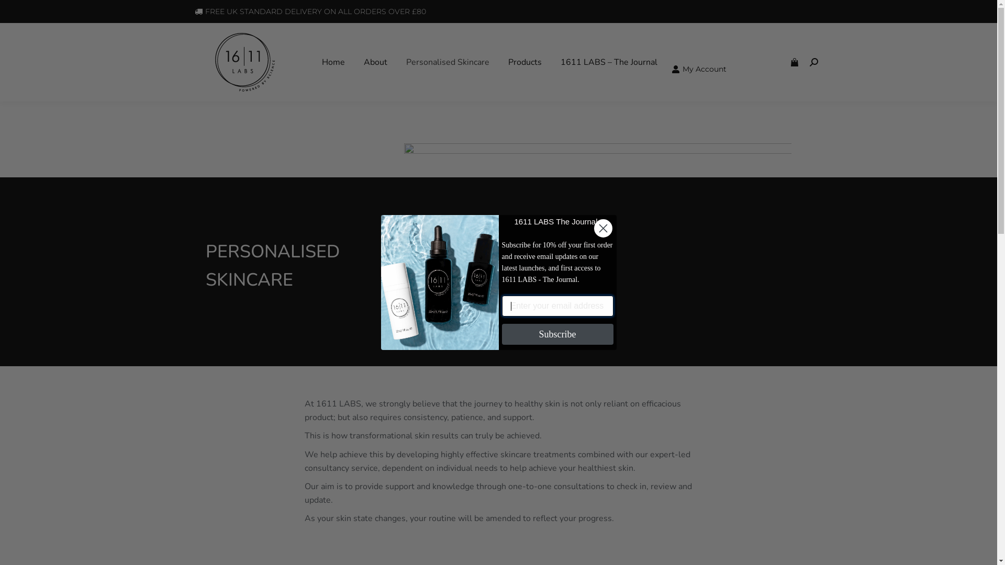 This screenshot has width=1005, height=565. Describe the element at coordinates (556, 334) in the screenshot. I see `'Subscribe'` at that location.